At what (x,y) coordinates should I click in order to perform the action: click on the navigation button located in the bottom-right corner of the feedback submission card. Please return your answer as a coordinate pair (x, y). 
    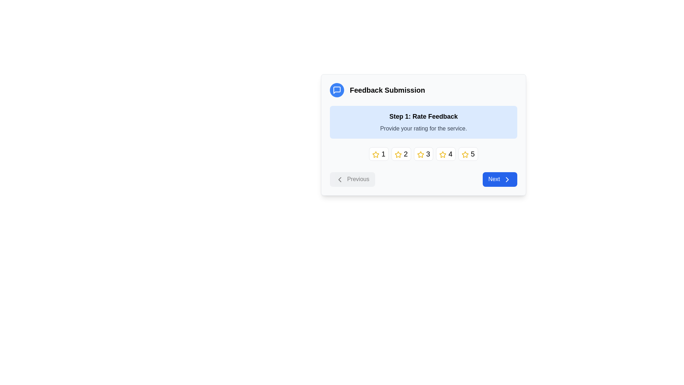
    Looking at the image, I should click on (499, 179).